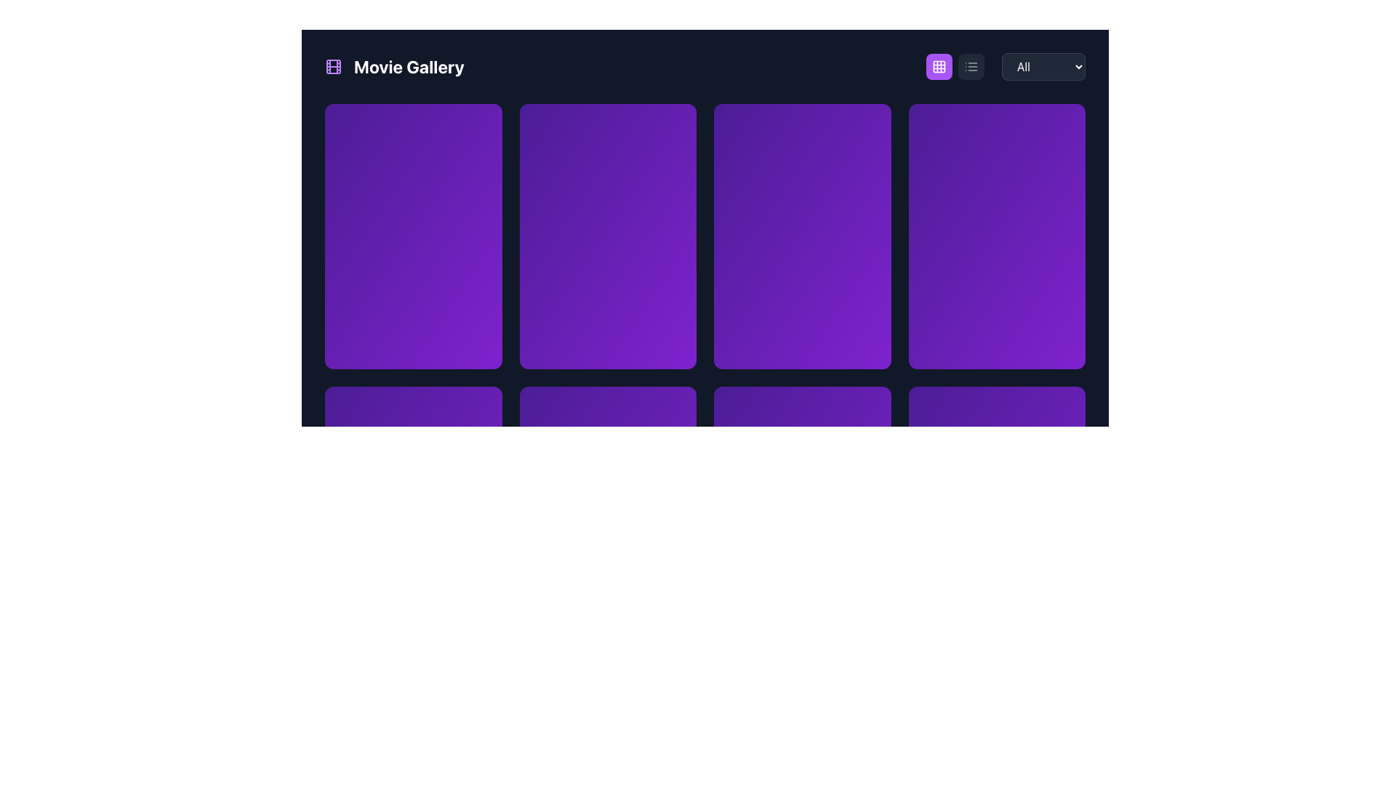  What do you see at coordinates (333, 67) in the screenshot?
I see `the small rounded rectangle element within the filmstrip icon, which is located near the top-left corner of the interface, adjacent to the 'Movie Gallery' label` at bounding box center [333, 67].